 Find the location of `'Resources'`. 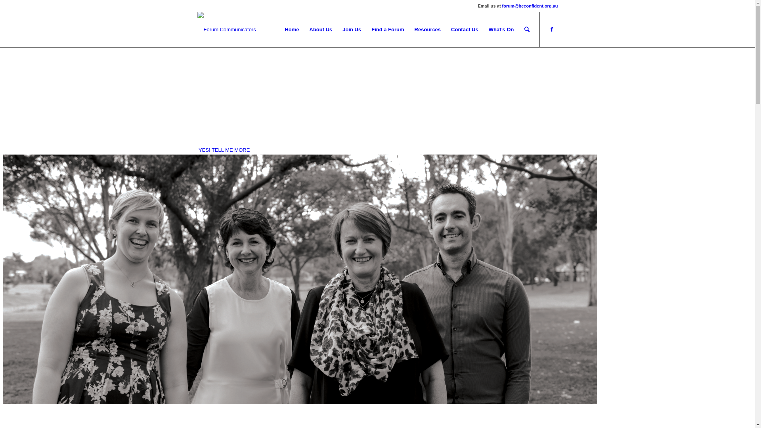

'Resources' is located at coordinates (427, 29).